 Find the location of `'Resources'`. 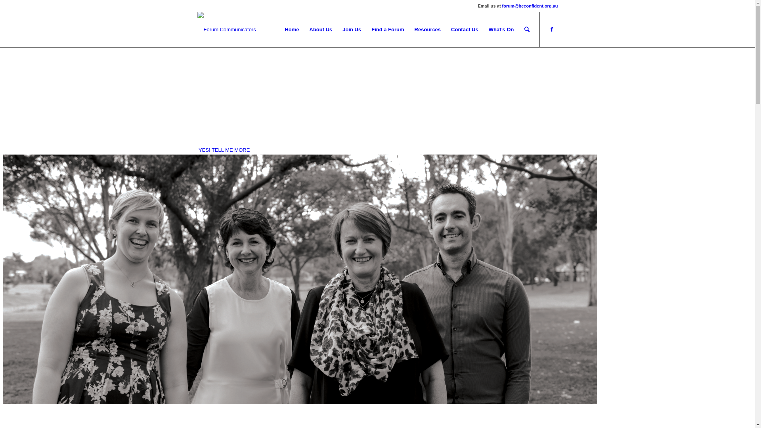

'Resources' is located at coordinates (427, 29).